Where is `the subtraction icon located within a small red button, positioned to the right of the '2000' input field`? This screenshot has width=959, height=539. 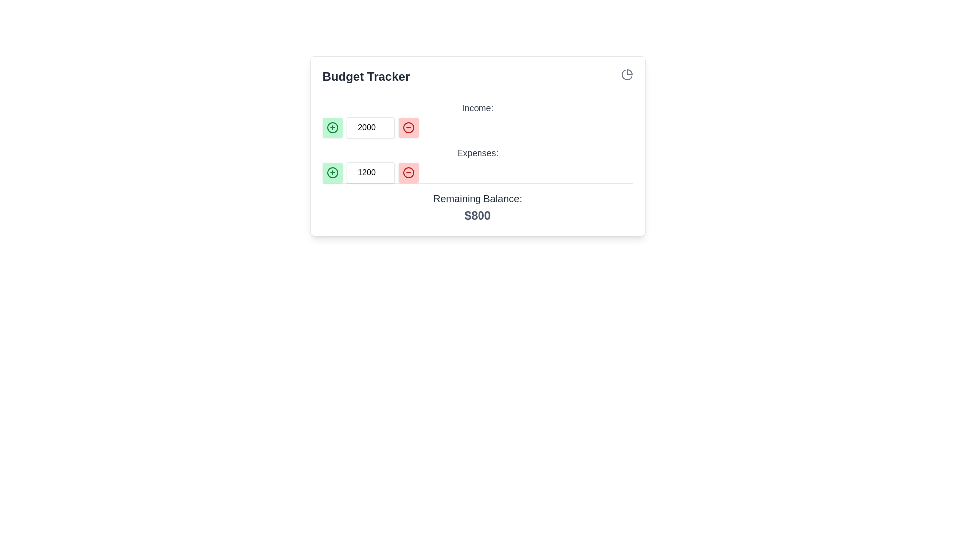
the subtraction icon located within a small red button, positioned to the right of the '2000' input field is located at coordinates (408, 127).